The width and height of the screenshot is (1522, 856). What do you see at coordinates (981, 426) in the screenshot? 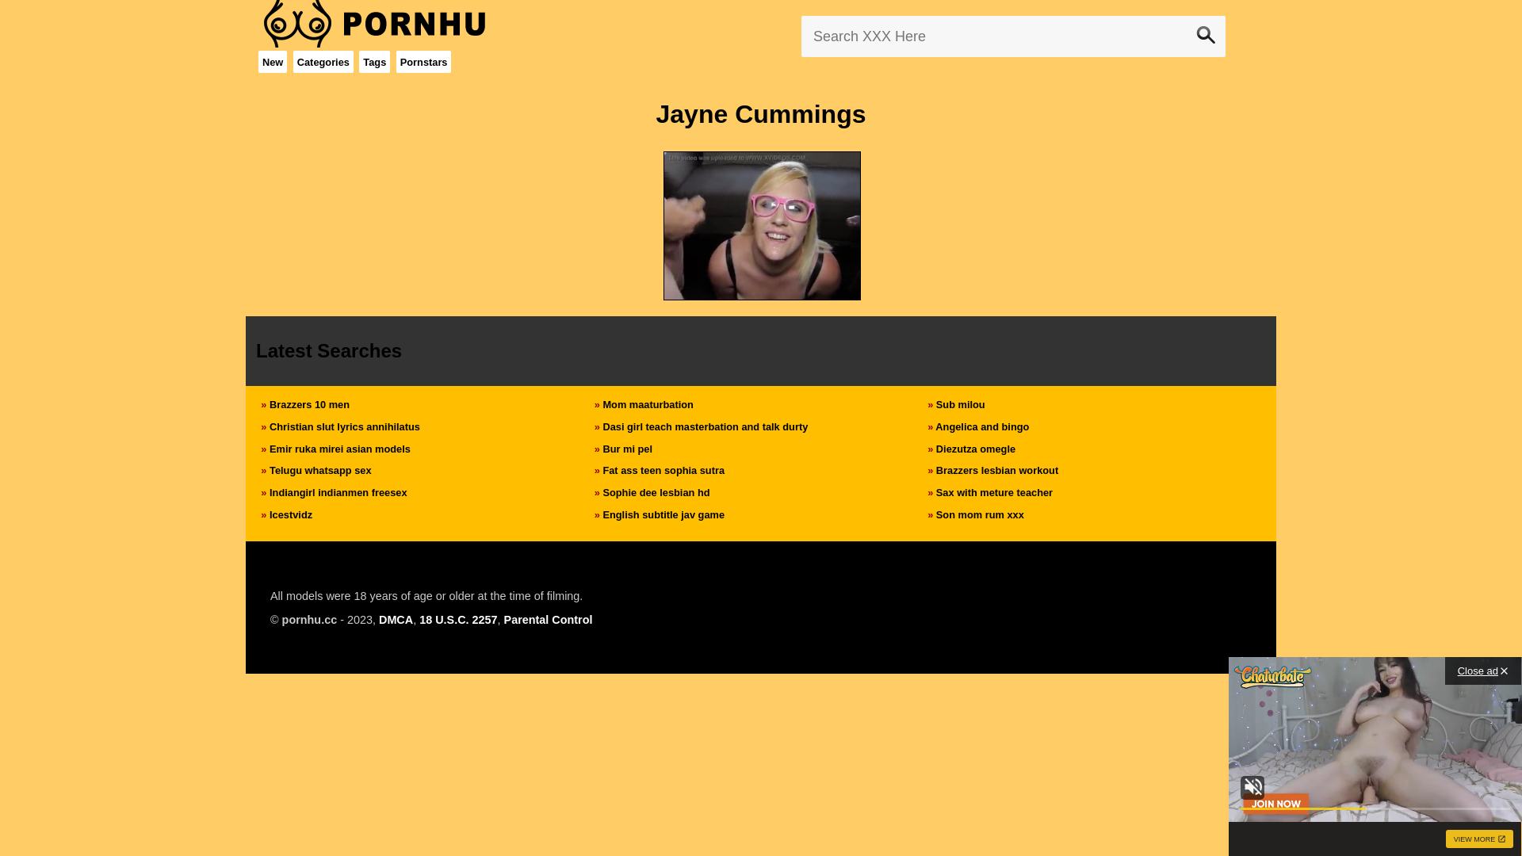
I see `'Angelica and bingo'` at bounding box center [981, 426].